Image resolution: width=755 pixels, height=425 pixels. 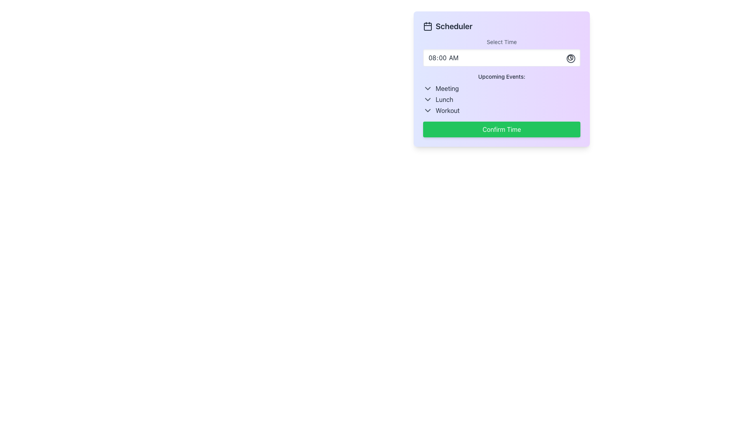 I want to click on the 'Select Time' label in the scheduler interface, which is displayed in a subdued gray font and is located at the top-middle of the scheduler card, so click(x=501, y=42).